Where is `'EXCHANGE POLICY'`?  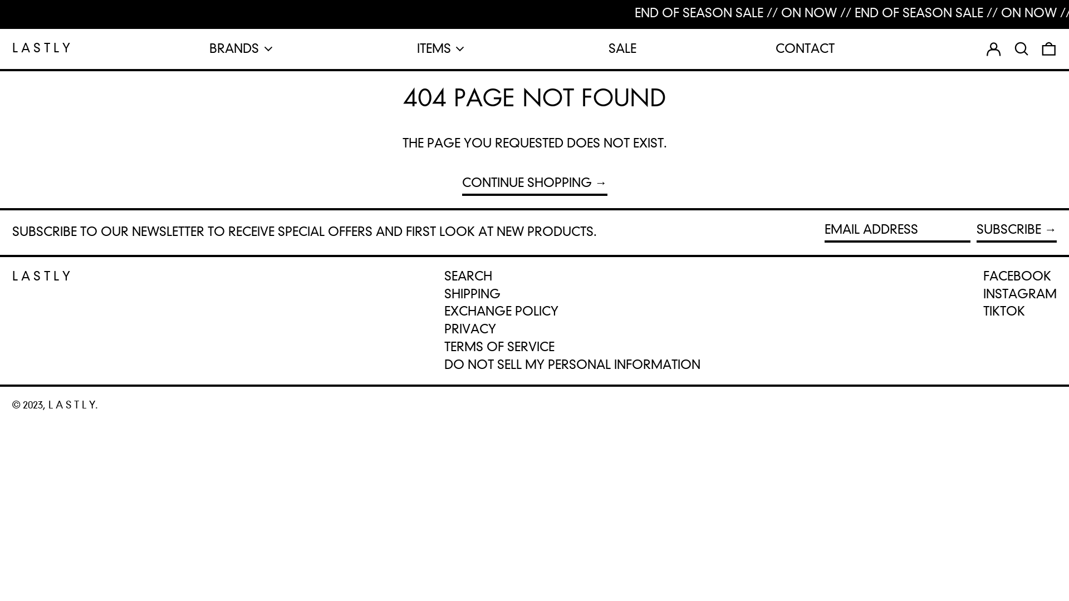
'EXCHANGE POLICY' is located at coordinates (501, 311).